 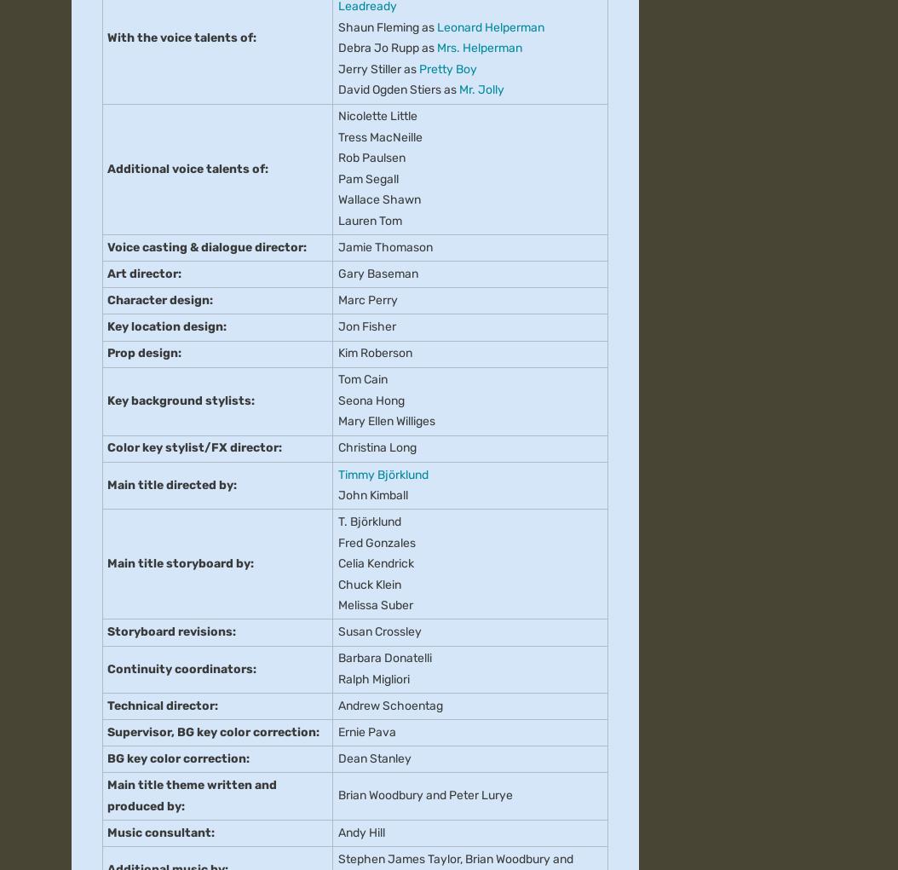 I want to click on 'Press', so click(x=86, y=224).